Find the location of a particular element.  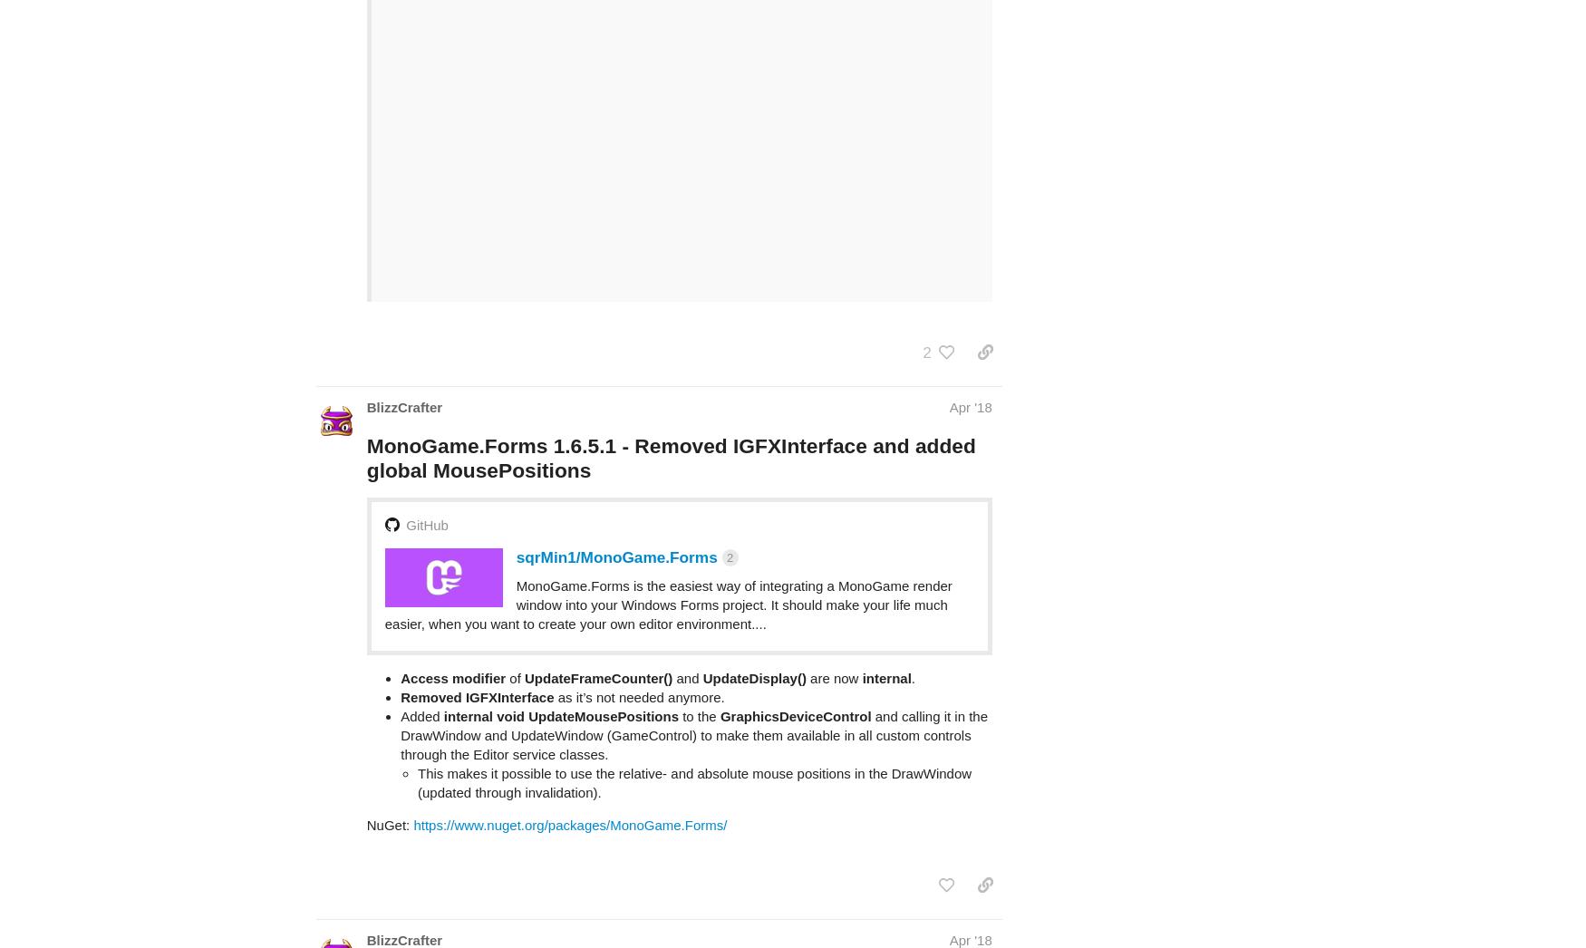

'internal void UpdateMousePositions' is located at coordinates (560, 644).